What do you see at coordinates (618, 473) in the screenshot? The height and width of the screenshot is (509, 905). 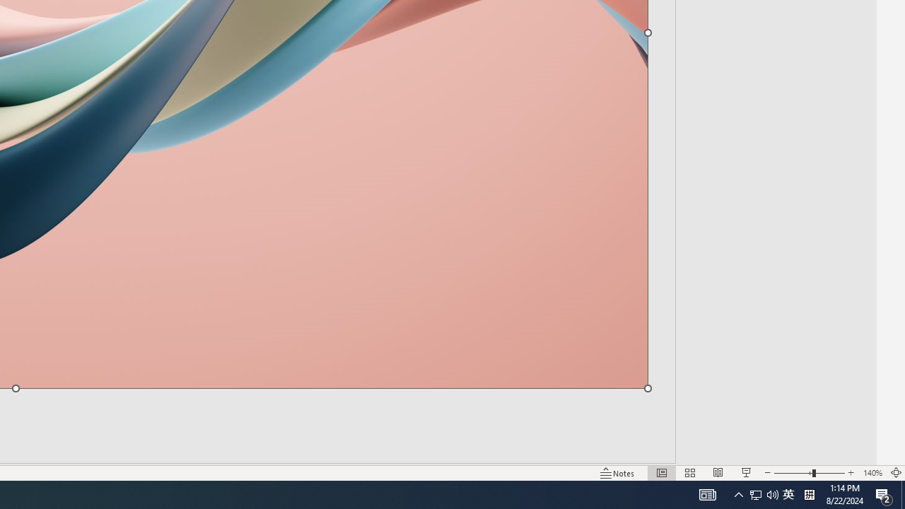 I see `'Notes '` at bounding box center [618, 473].